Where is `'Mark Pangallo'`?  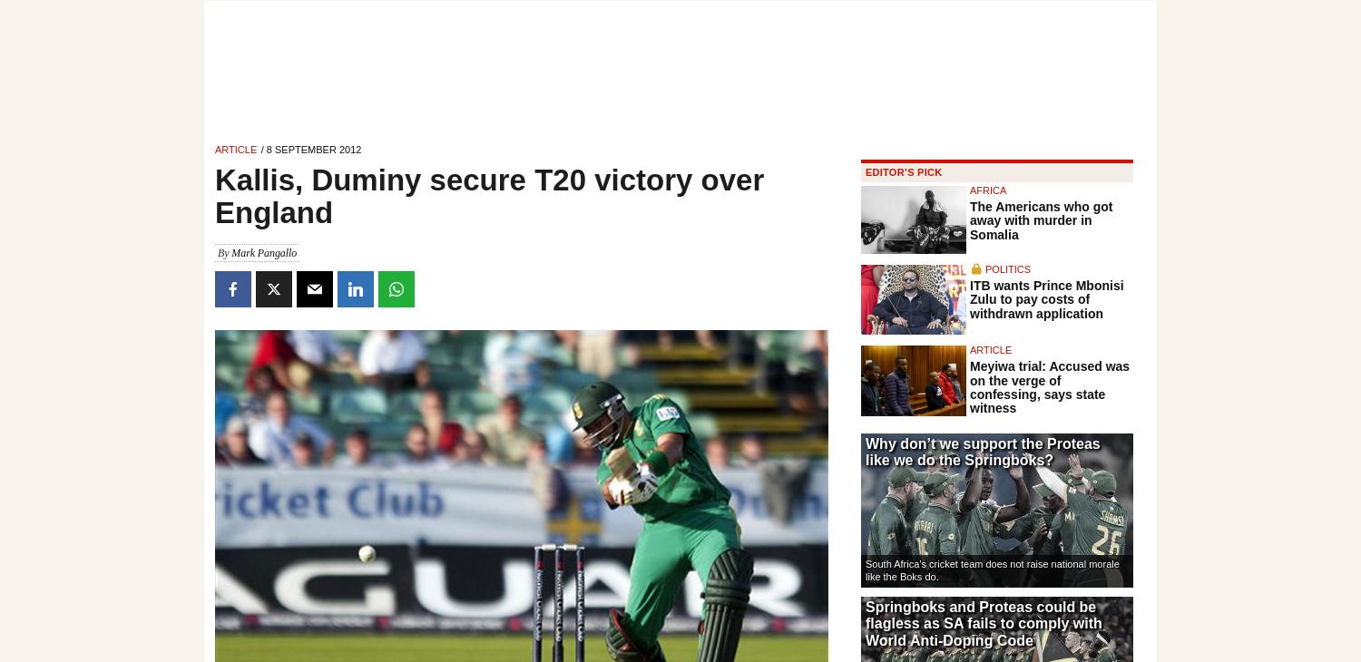 'Mark Pangallo' is located at coordinates (422, 575).